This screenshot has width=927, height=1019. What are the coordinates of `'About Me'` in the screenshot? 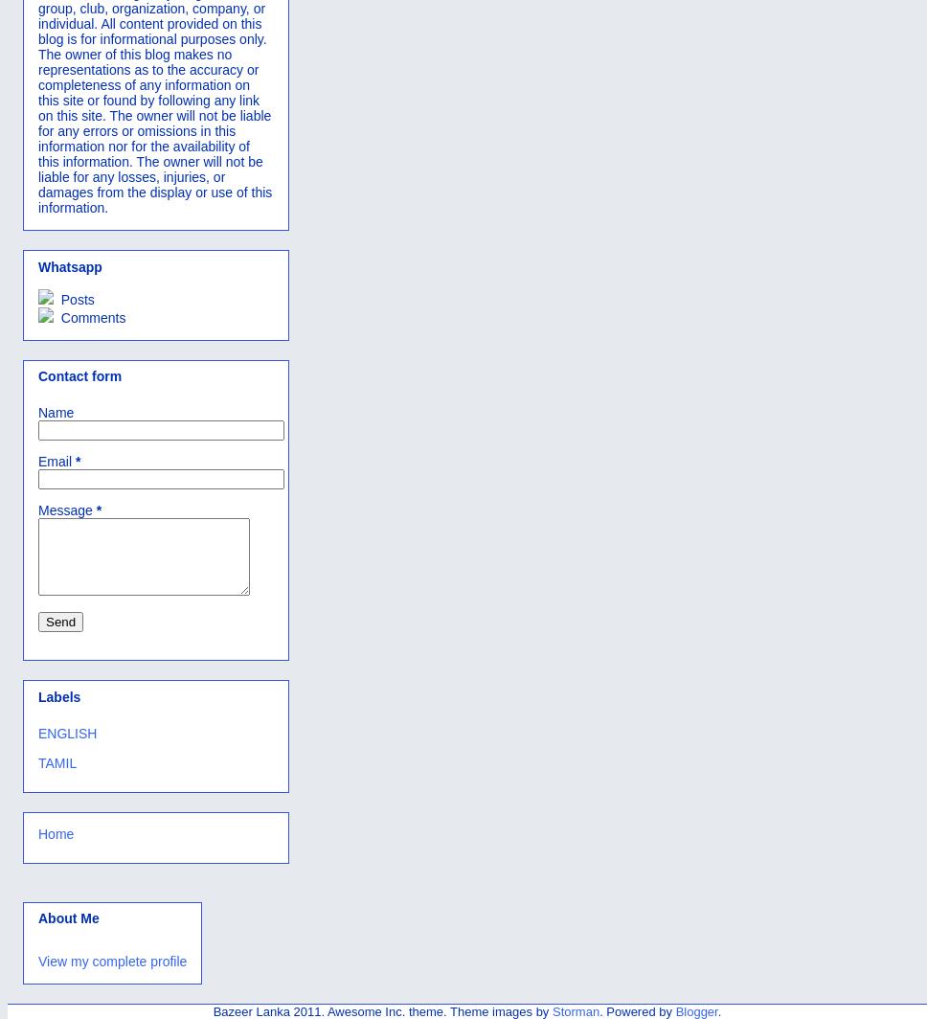 It's located at (67, 917).